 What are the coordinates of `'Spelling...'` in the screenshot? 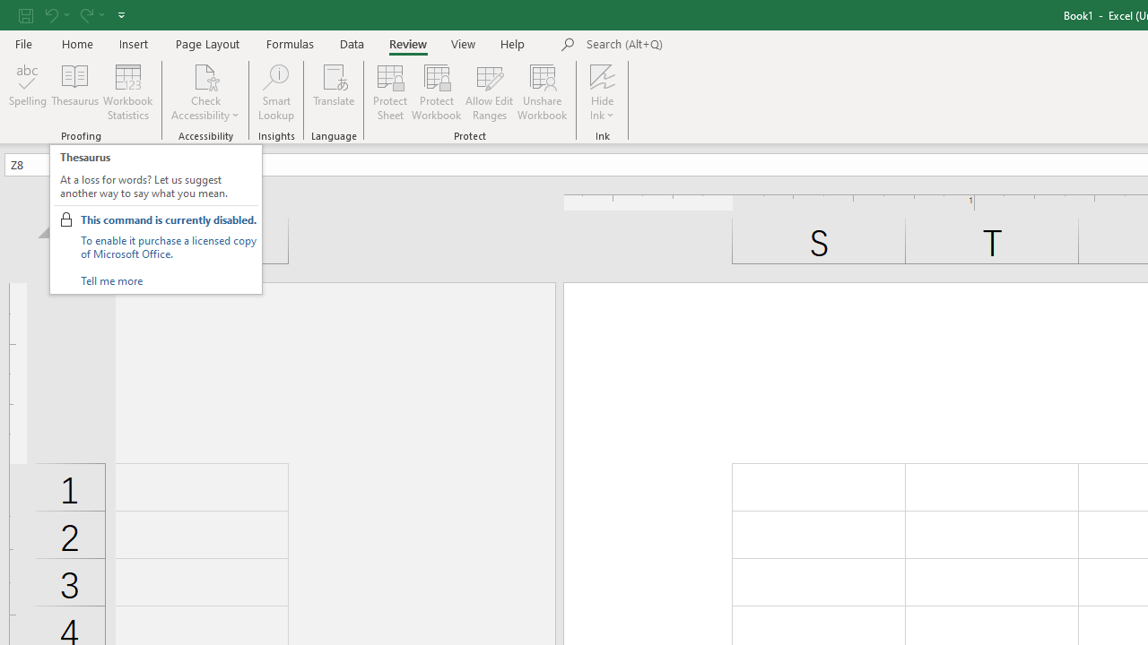 It's located at (28, 92).